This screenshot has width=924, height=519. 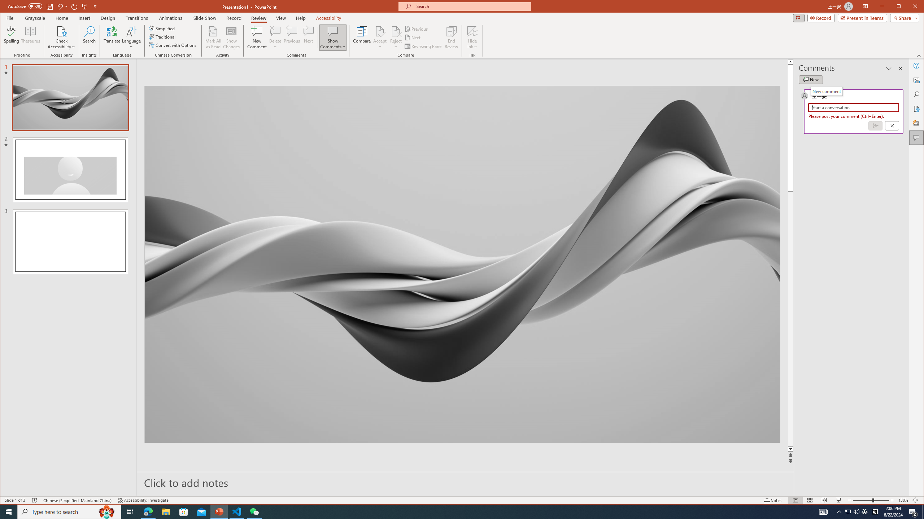 I want to click on 'PowerPoint - 1 running window', so click(x=219, y=511).